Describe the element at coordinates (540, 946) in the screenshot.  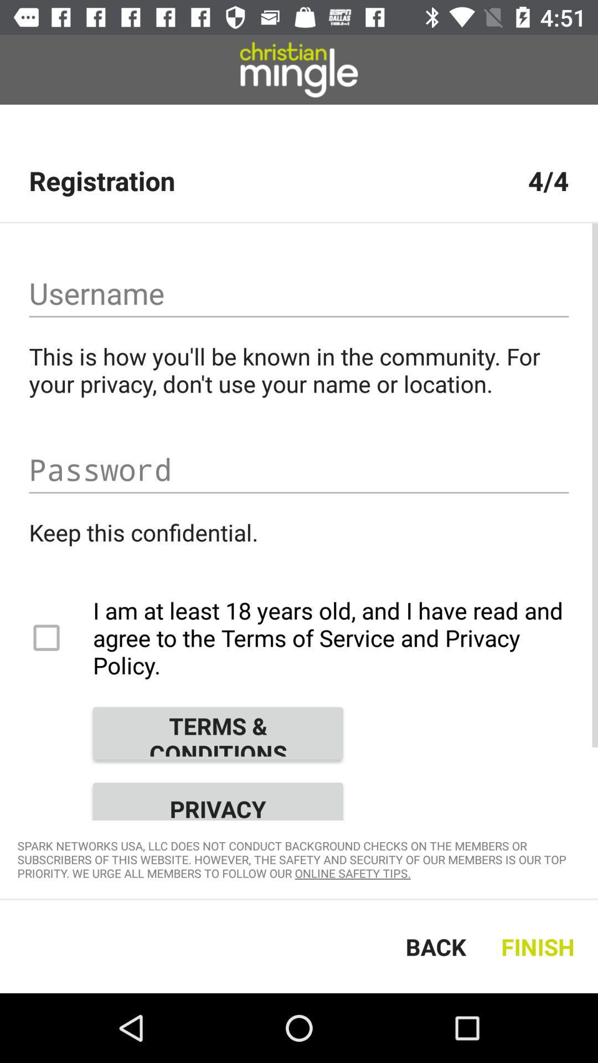
I see `the finish` at that location.